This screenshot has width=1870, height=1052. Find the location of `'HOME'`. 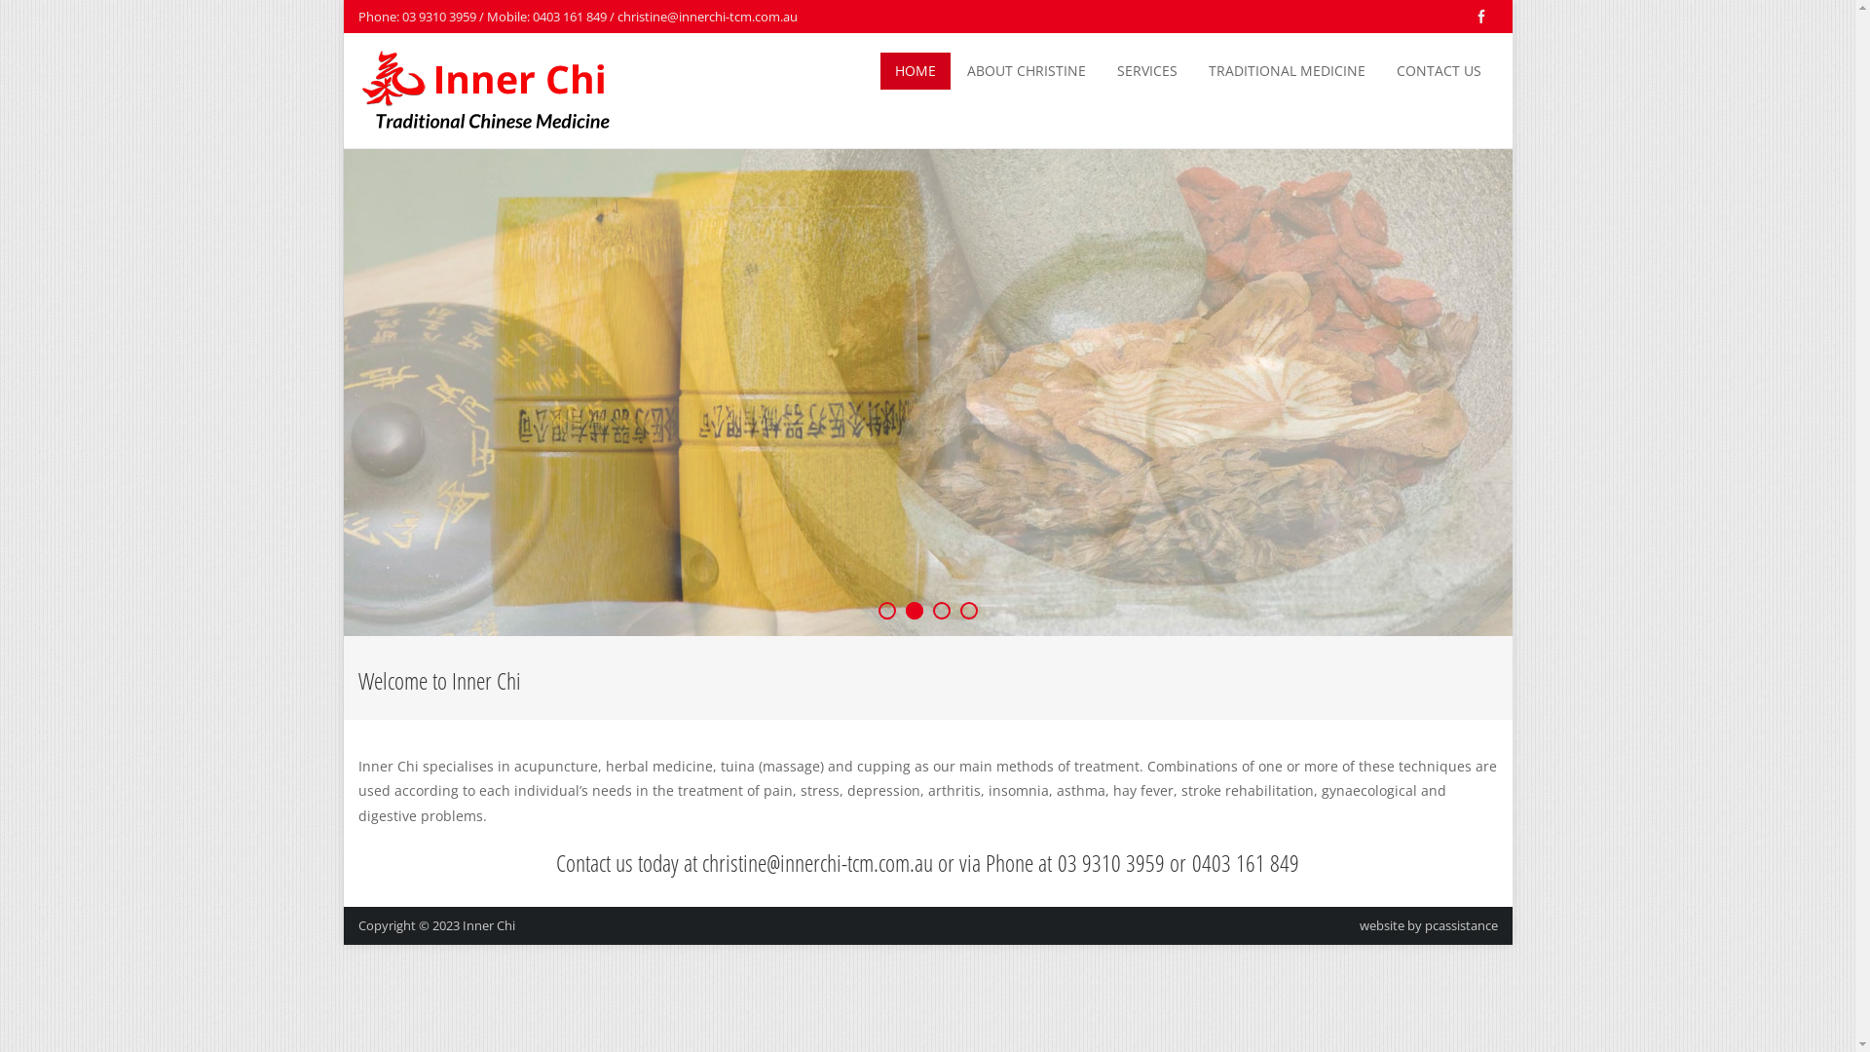

'HOME' is located at coordinates (879, 70).